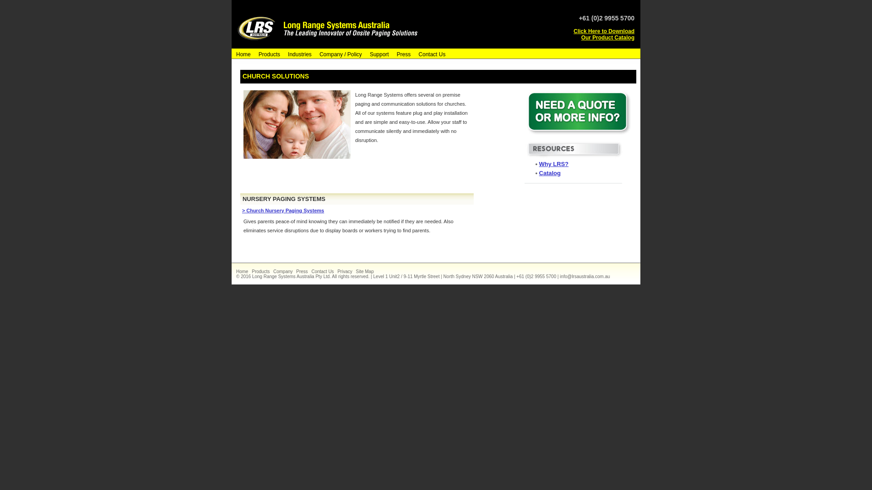  What do you see at coordinates (243, 270) in the screenshot?
I see `'Home'` at bounding box center [243, 270].